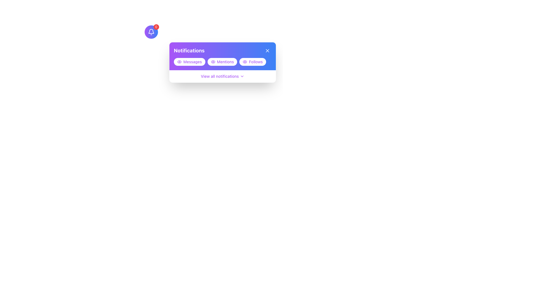 This screenshot has width=535, height=301. What do you see at coordinates (189, 62) in the screenshot?
I see `the pill-shaped button labeled 'Messages' with a white background and purple text to filter messages` at bounding box center [189, 62].